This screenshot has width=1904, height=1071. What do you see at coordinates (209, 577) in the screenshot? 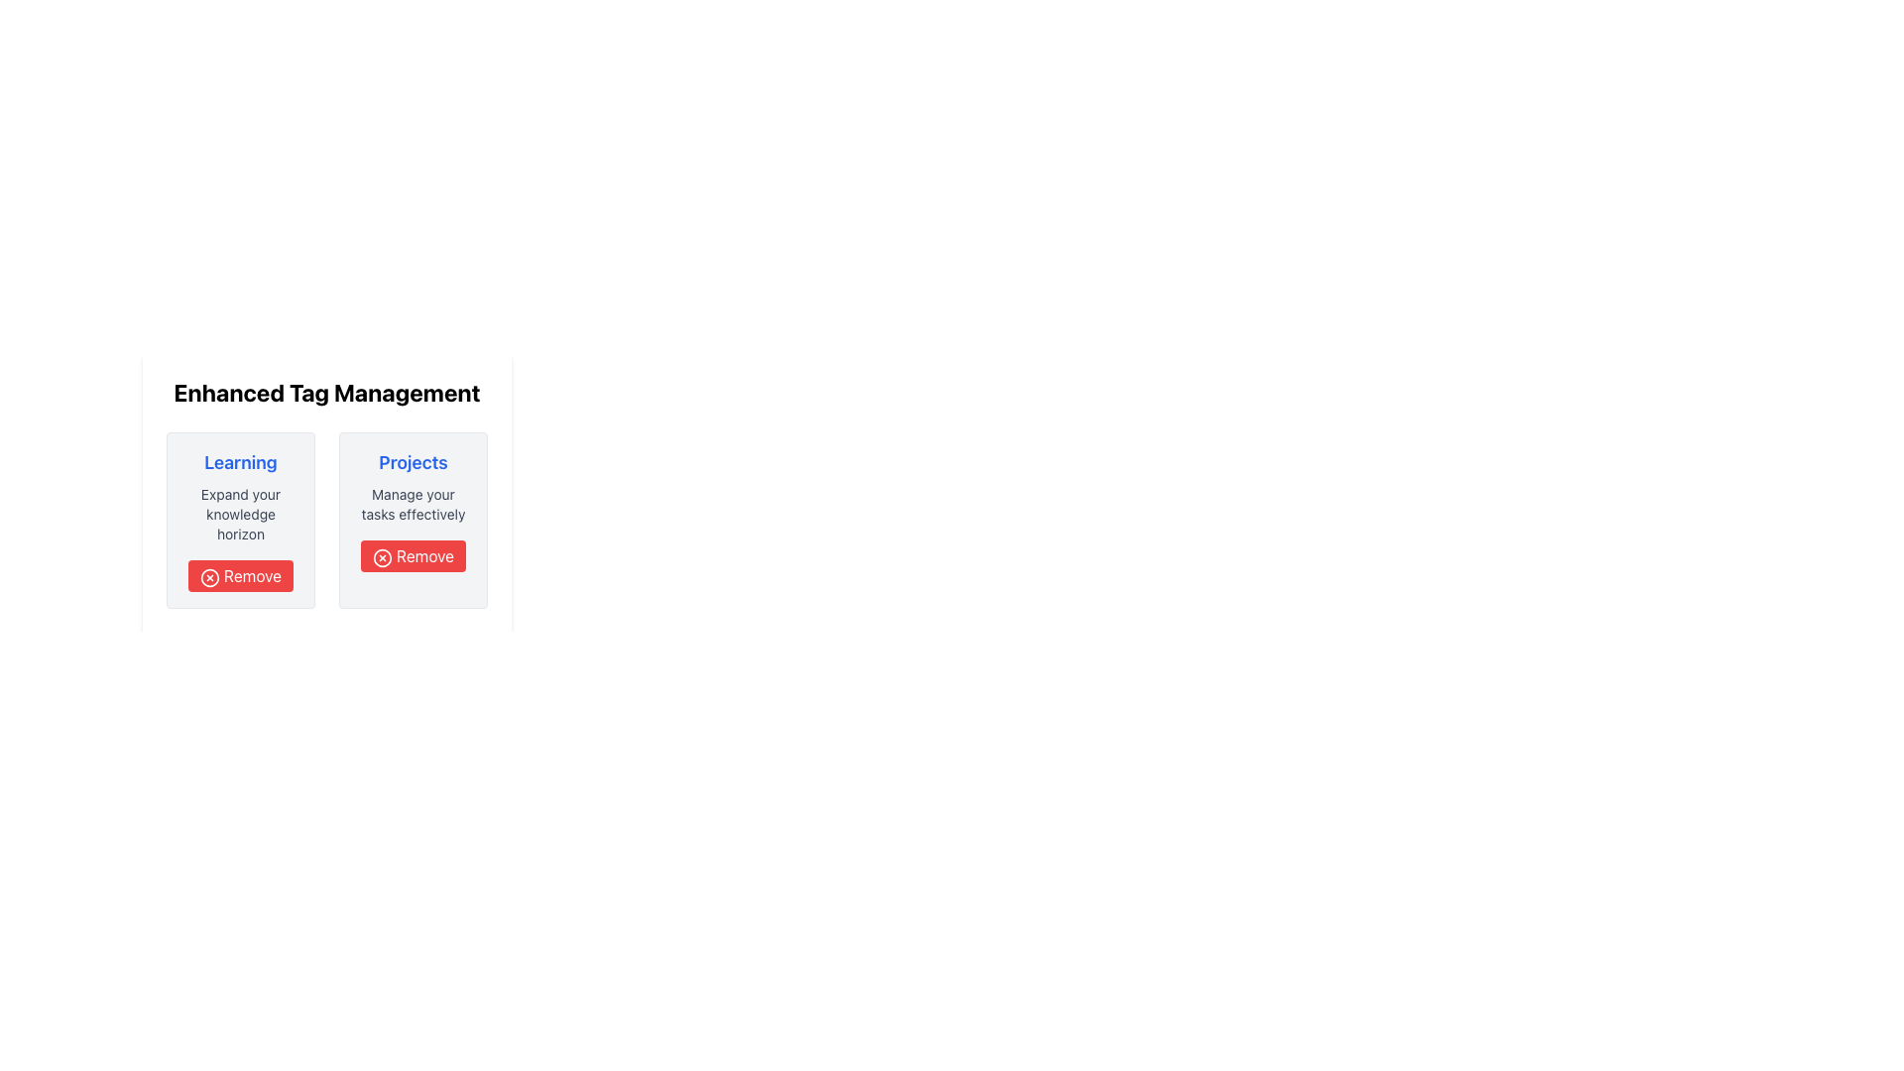
I see `the 'Remove' icon located within the 'Learning' card under 'Enhanced Tag Management' section` at bounding box center [209, 577].